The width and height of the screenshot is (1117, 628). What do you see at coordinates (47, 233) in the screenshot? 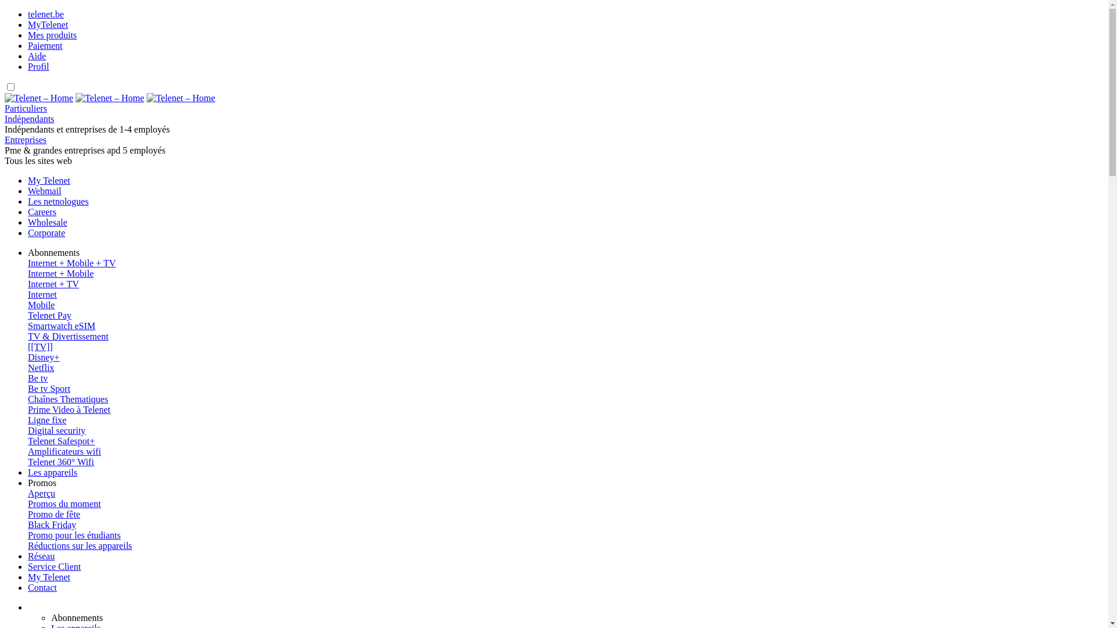
I see `'Corporate'` at bounding box center [47, 233].